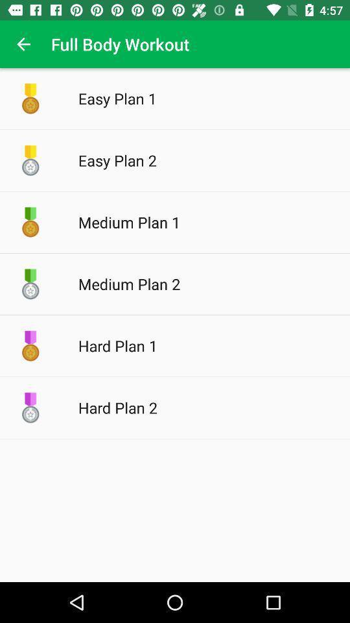  What do you see at coordinates (30, 284) in the screenshot?
I see `the icon which is left side of the medium plan 2` at bounding box center [30, 284].